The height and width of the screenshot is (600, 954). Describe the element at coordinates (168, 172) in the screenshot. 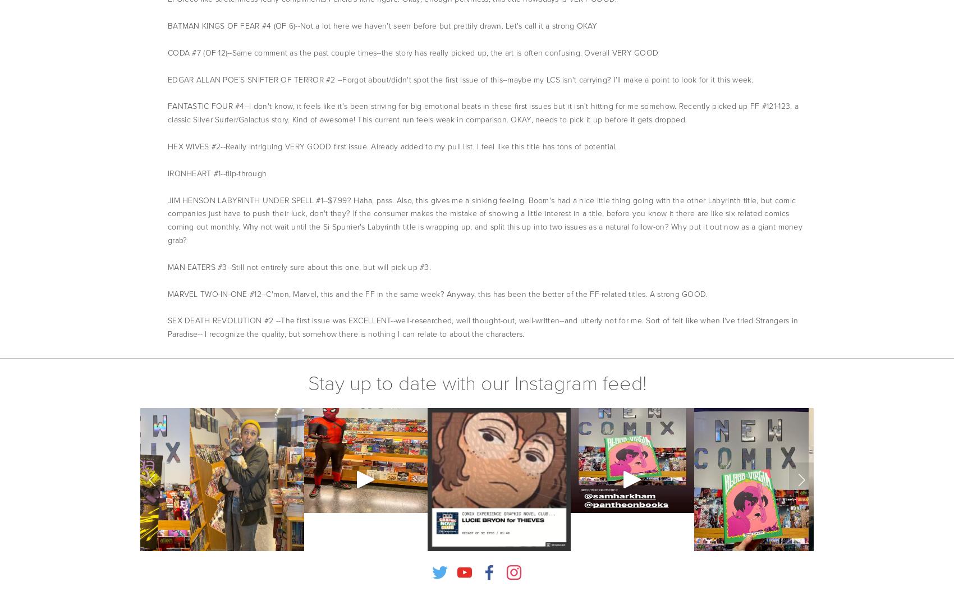

I see `'IRONHEART #1--flip-through'` at that location.